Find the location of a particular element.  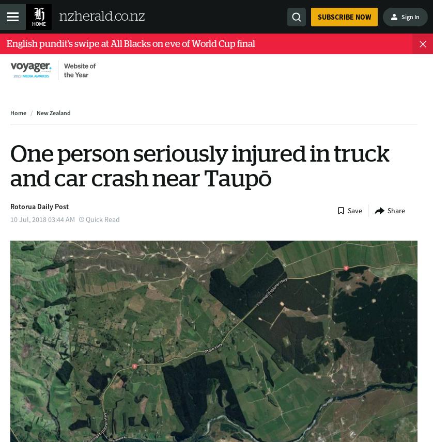

'New Zealand' is located at coordinates (36, 113).